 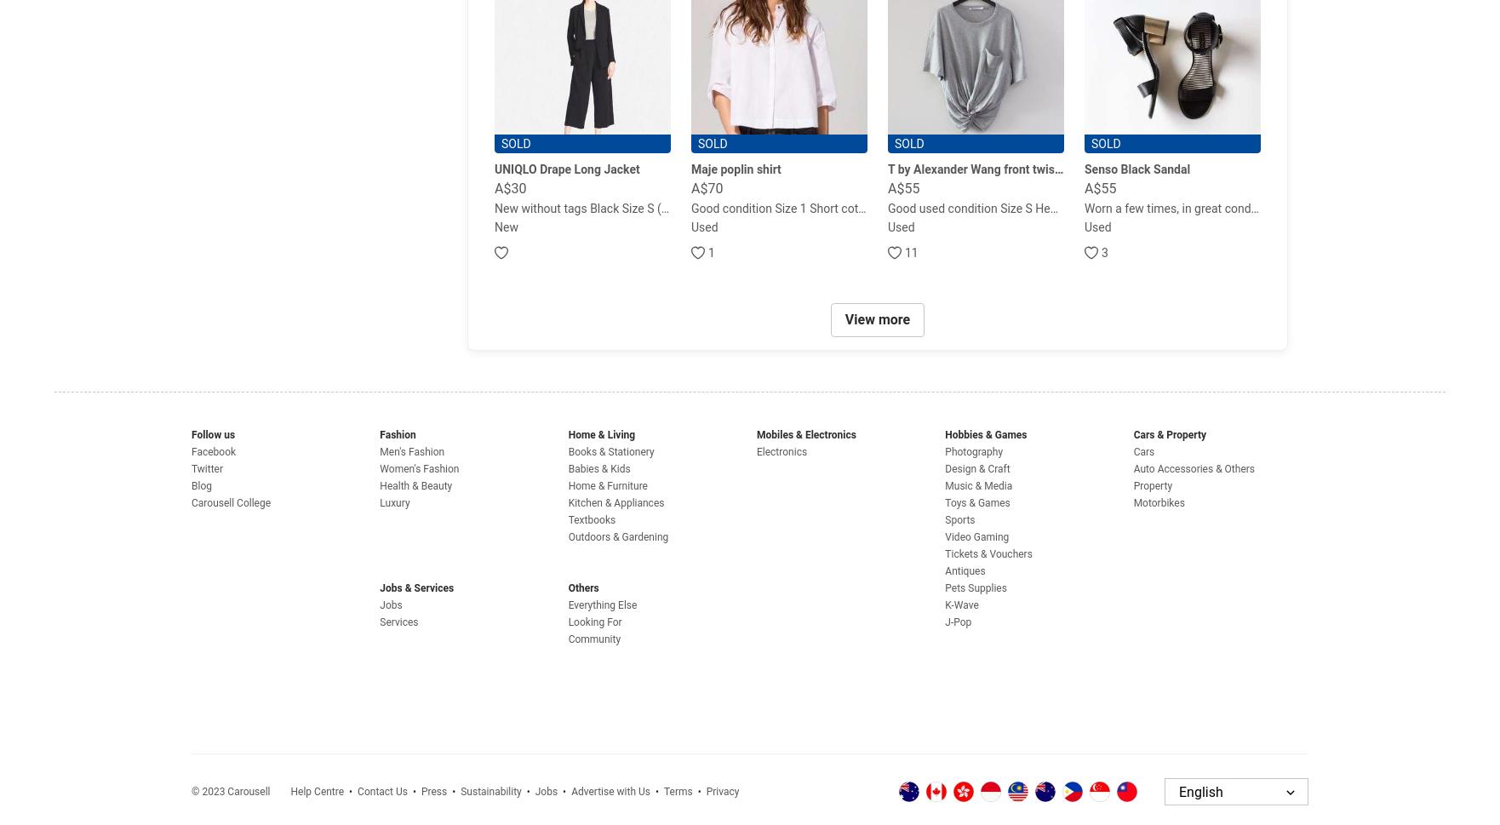 What do you see at coordinates (378, 501) in the screenshot?
I see `'Luxury'` at bounding box center [378, 501].